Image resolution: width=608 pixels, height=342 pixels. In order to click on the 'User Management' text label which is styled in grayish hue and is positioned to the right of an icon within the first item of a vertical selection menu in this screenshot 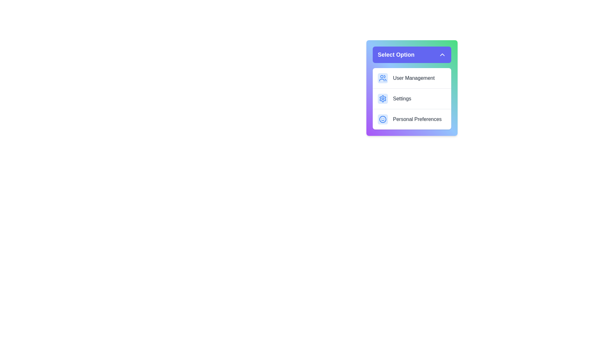, I will do `click(414, 78)`.